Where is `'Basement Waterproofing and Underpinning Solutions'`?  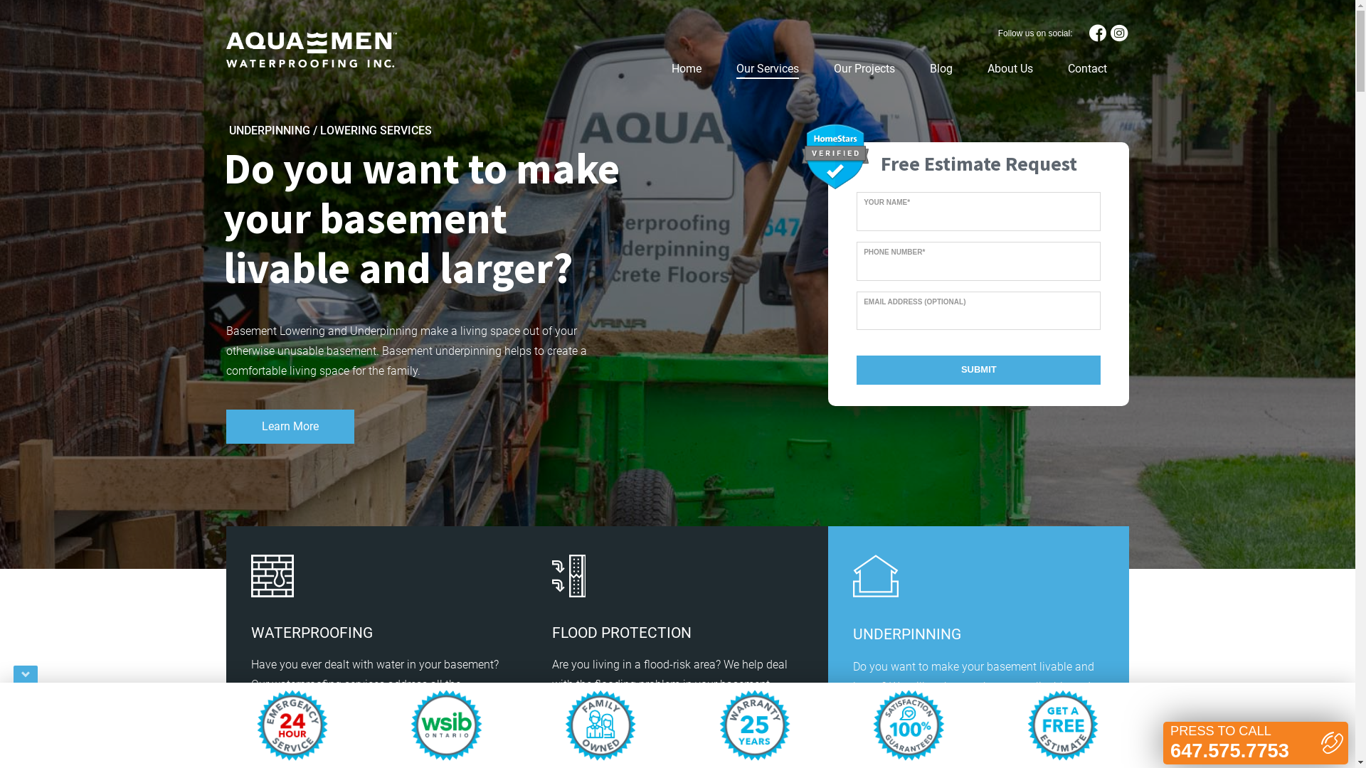
'Basement Waterproofing and Underpinning Solutions' is located at coordinates (310, 48).